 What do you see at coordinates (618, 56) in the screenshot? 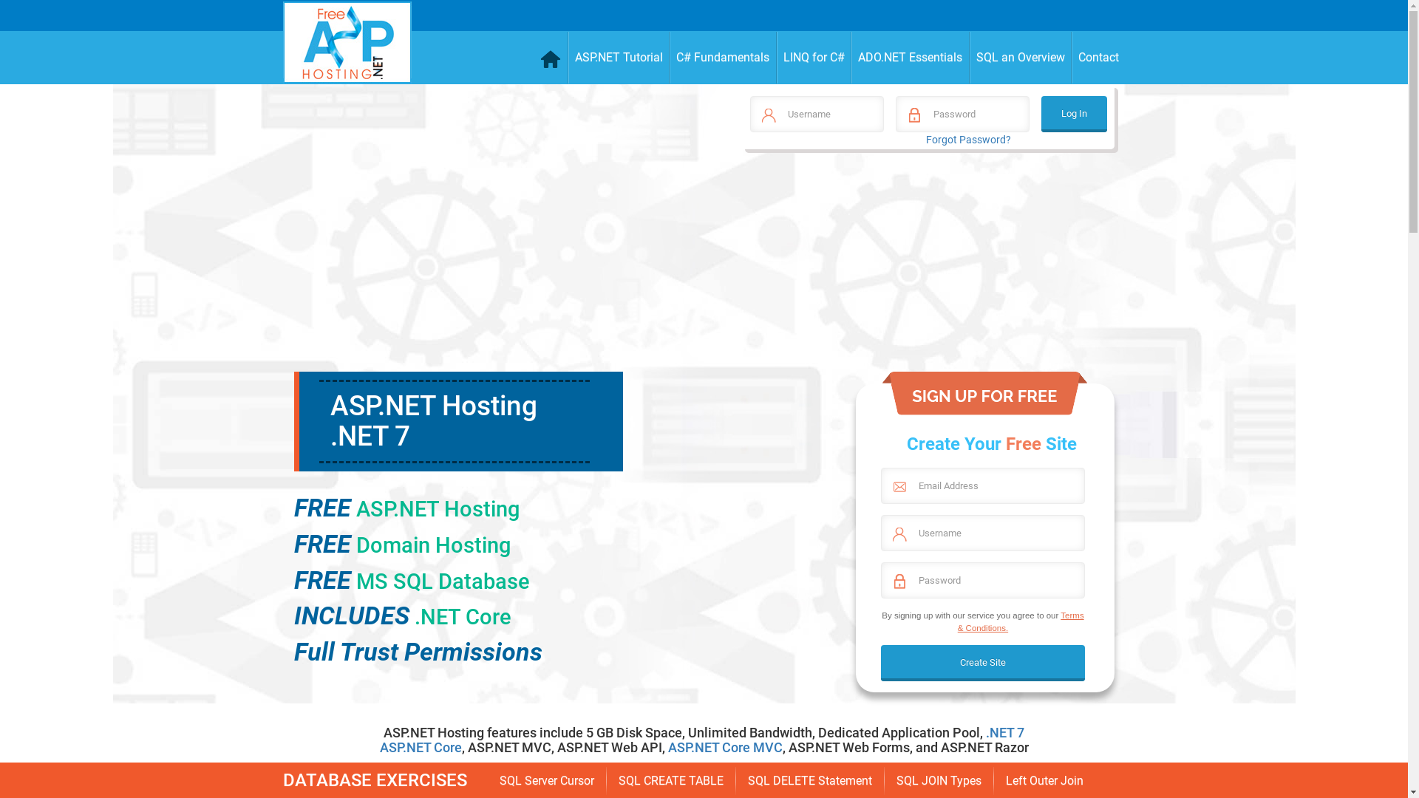
I see `'ASP.NET Tutorial'` at bounding box center [618, 56].